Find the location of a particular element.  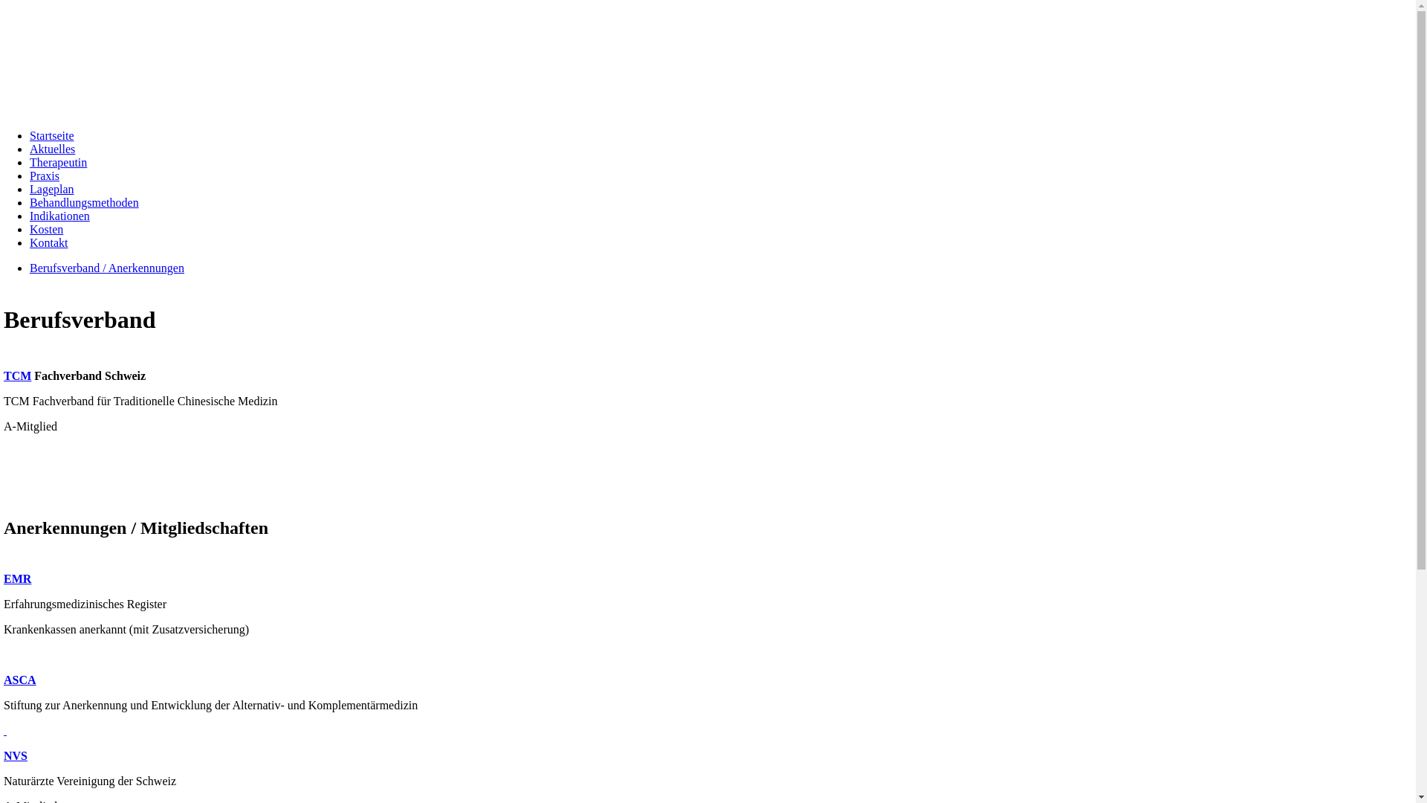

'NVS' is located at coordinates (15, 755).